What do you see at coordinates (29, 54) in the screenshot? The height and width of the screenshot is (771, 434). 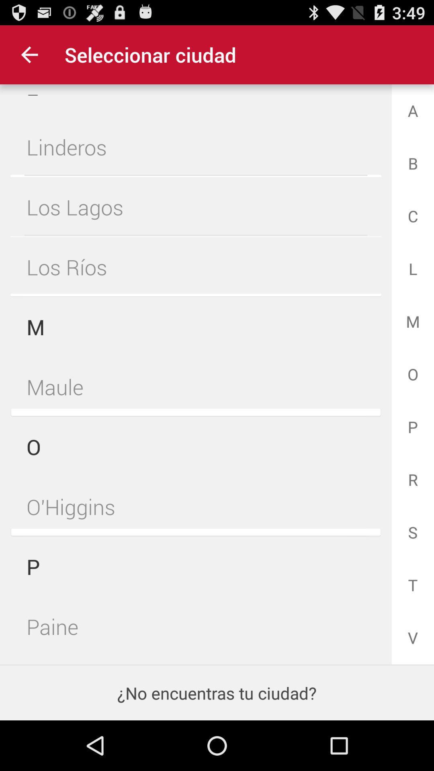 I see `icon to the left of seleccionar ciudad icon` at bounding box center [29, 54].